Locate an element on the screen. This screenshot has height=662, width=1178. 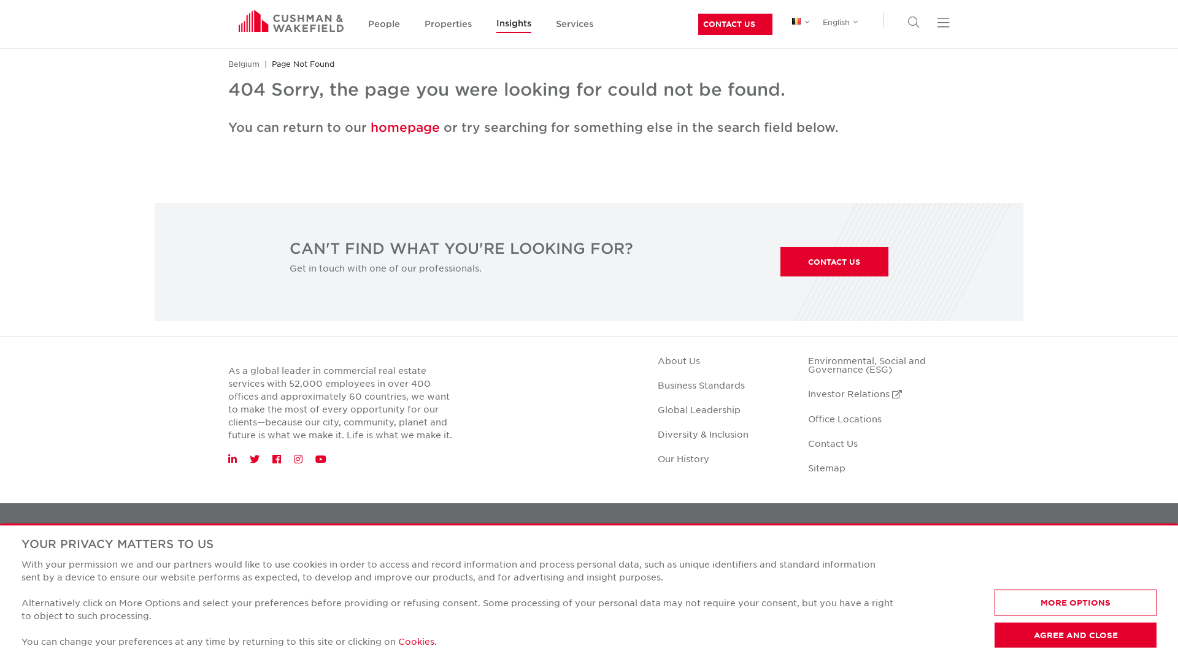
'MORE OPTIONS' is located at coordinates (1074, 602).